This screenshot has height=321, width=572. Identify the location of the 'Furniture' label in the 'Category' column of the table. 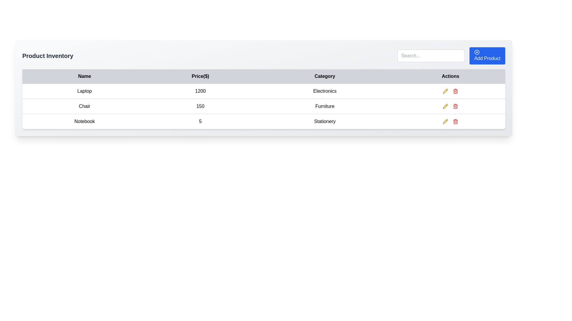
(324, 106).